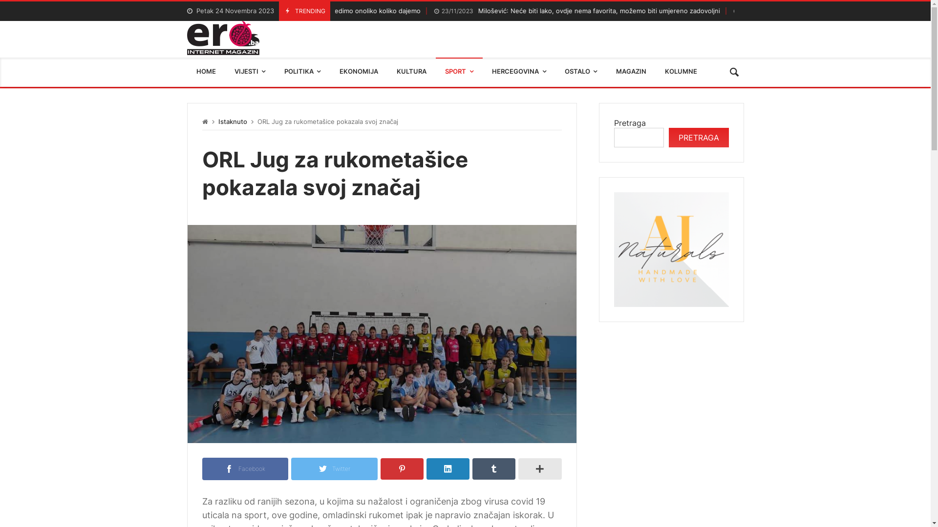 The width and height of the screenshot is (938, 527). I want to click on 'Facebook', so click(245, 468).